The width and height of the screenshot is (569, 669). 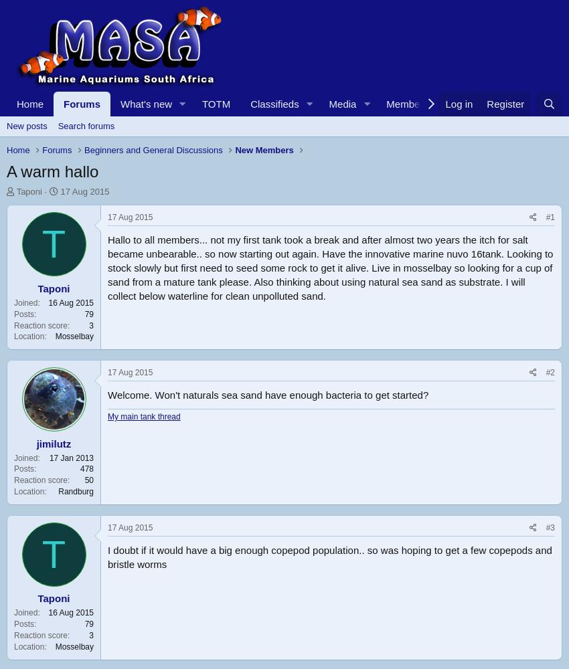 I want to click on 'I doubt if it would have a big enough copepod population.. so was hoping to get a few copepods and bristle worms', so click(x=329, y=556).